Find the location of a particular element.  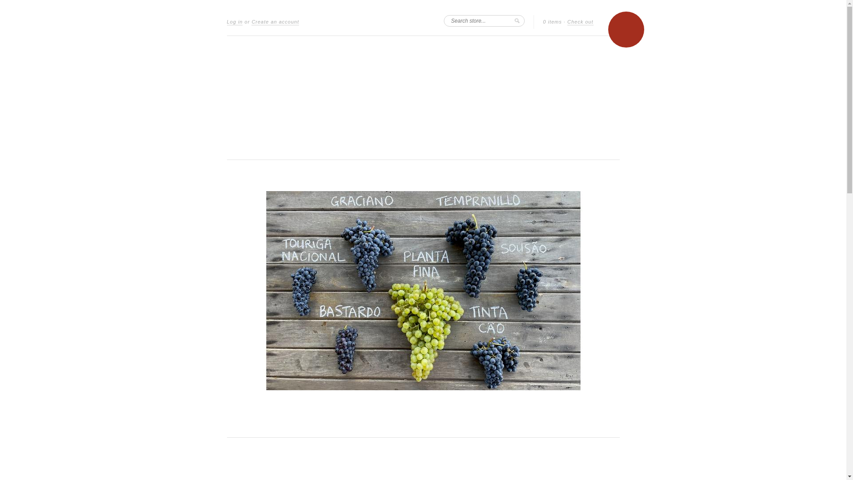

'Create an account' is located at coordinates (275, 22).